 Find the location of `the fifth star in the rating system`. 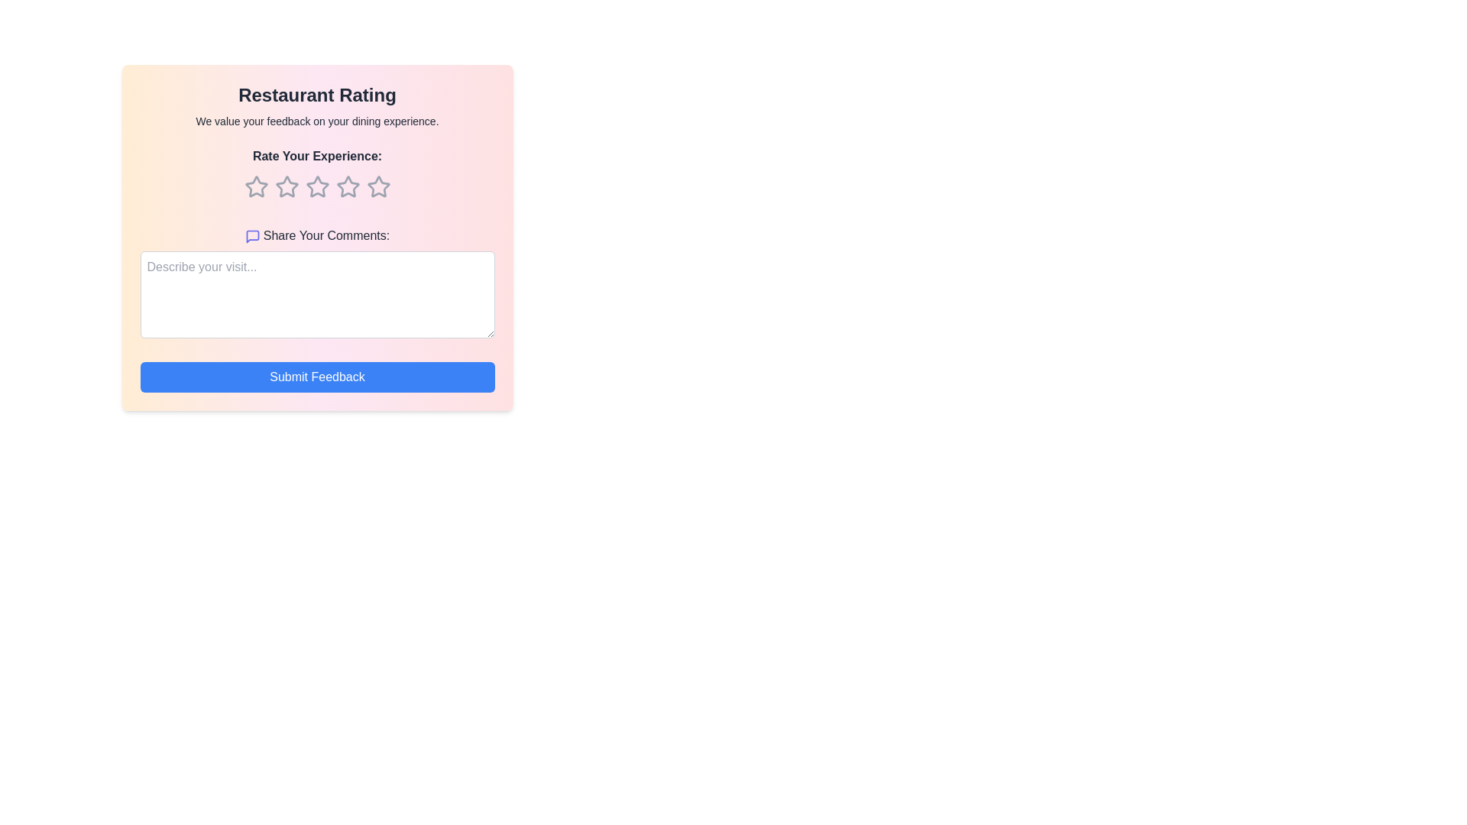

the fifth star in the rating system is located at coordinates (378, 186).